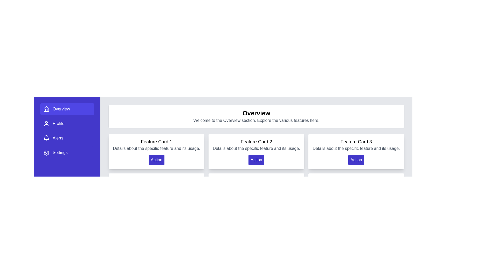 The height and width of the screenshot is (280, 498). Describe the element at coordinates (46, 109) in the screenshot. I see `the house-shaped icon located within the circular button in the highlighted 'Overview' menu item on the vertical navigation menu` at that location.